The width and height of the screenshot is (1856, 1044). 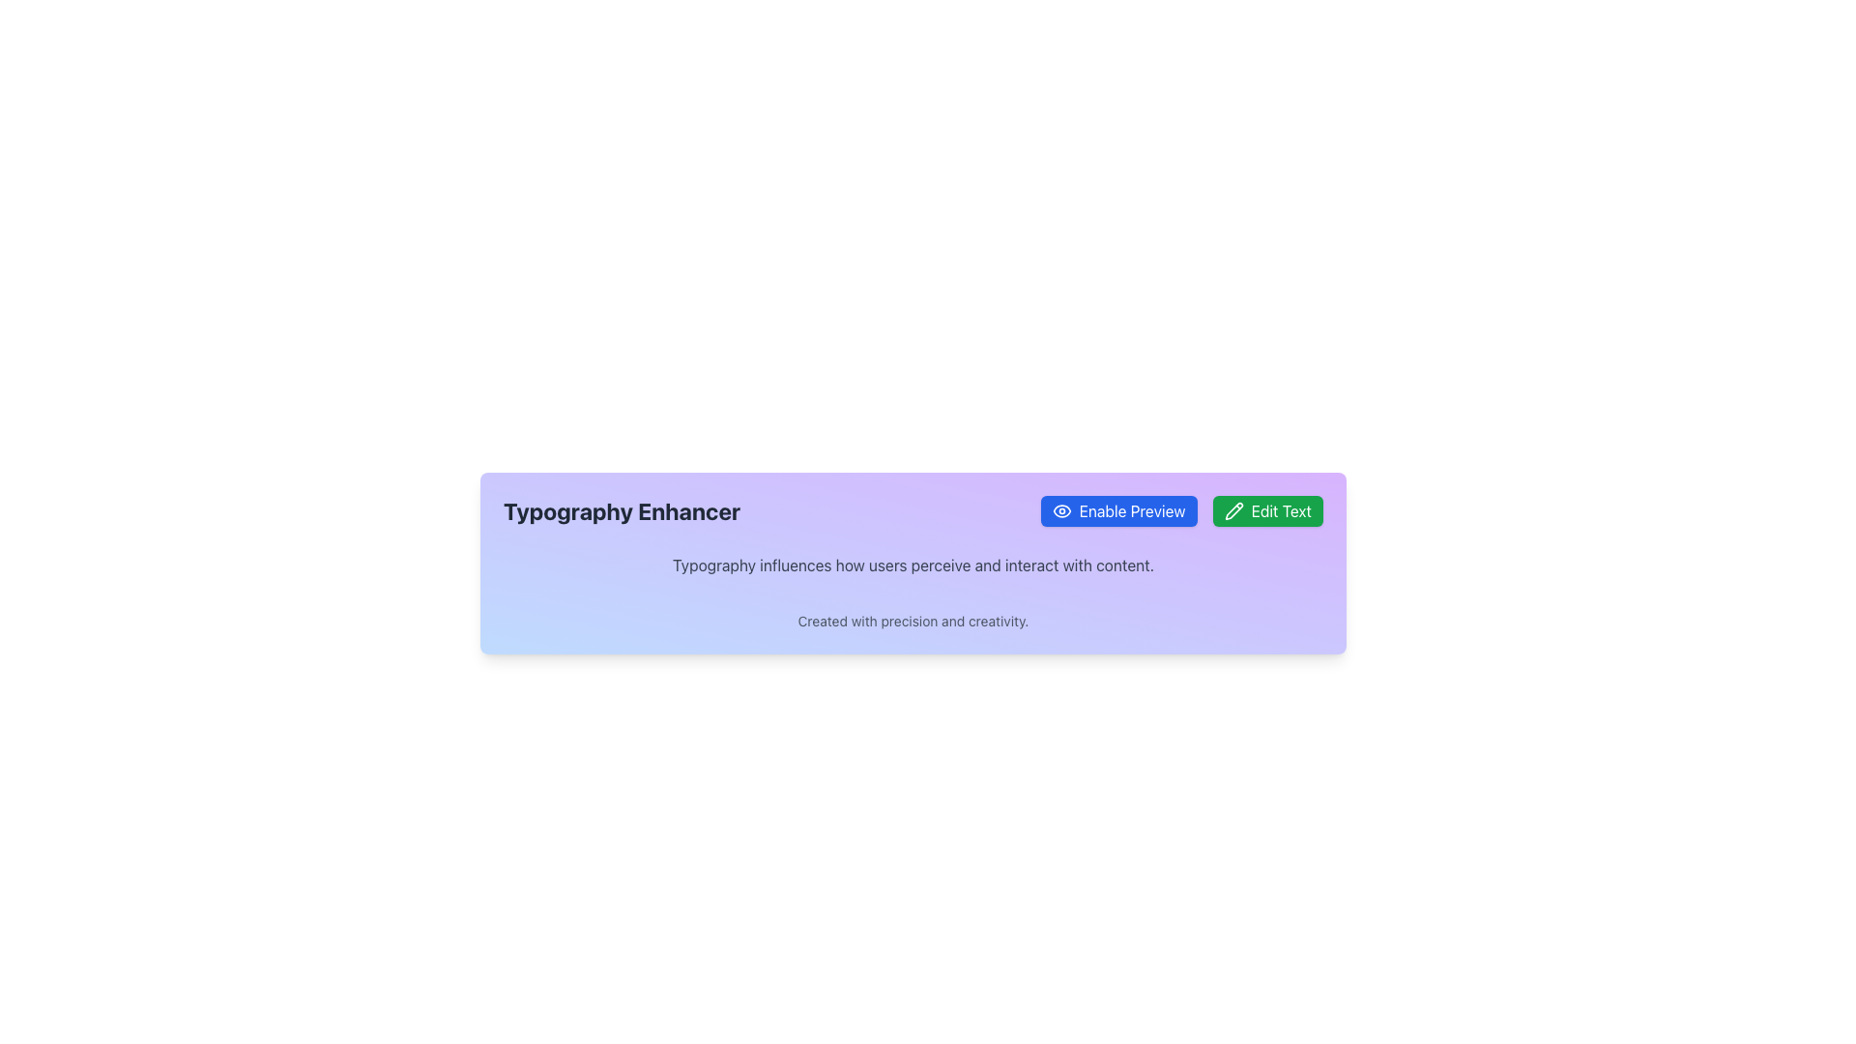 I want to click on the Static Text element that displays descriptive information about typography's significance, located below the 'Typography Enhancer' title and the 'Enable Preview' and 'Edit Text' buttons, so click(x=913, y=565).